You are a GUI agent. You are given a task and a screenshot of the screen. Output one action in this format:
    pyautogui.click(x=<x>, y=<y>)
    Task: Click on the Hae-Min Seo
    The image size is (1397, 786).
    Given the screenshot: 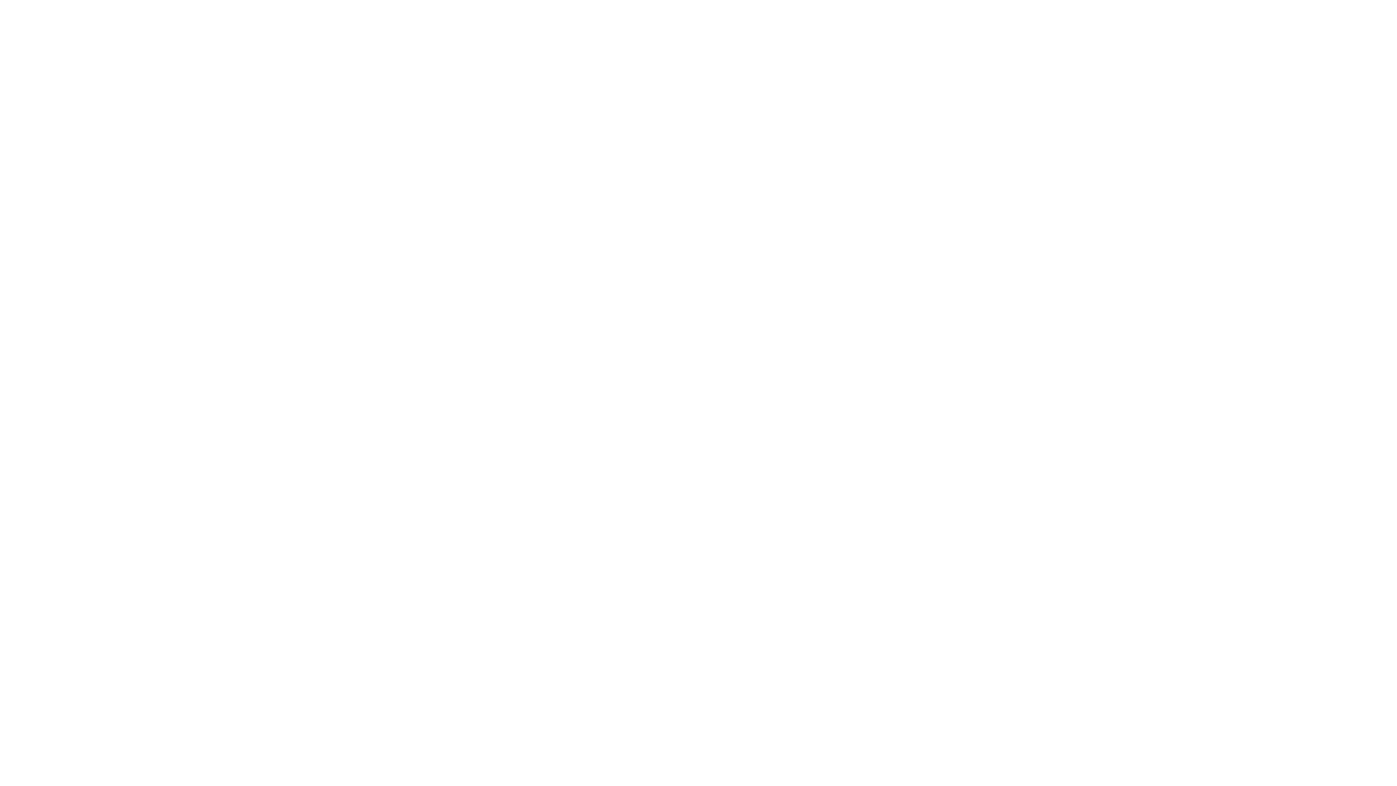 What is the action you would take?
    pyautogui.click(x=747, y=189)
    